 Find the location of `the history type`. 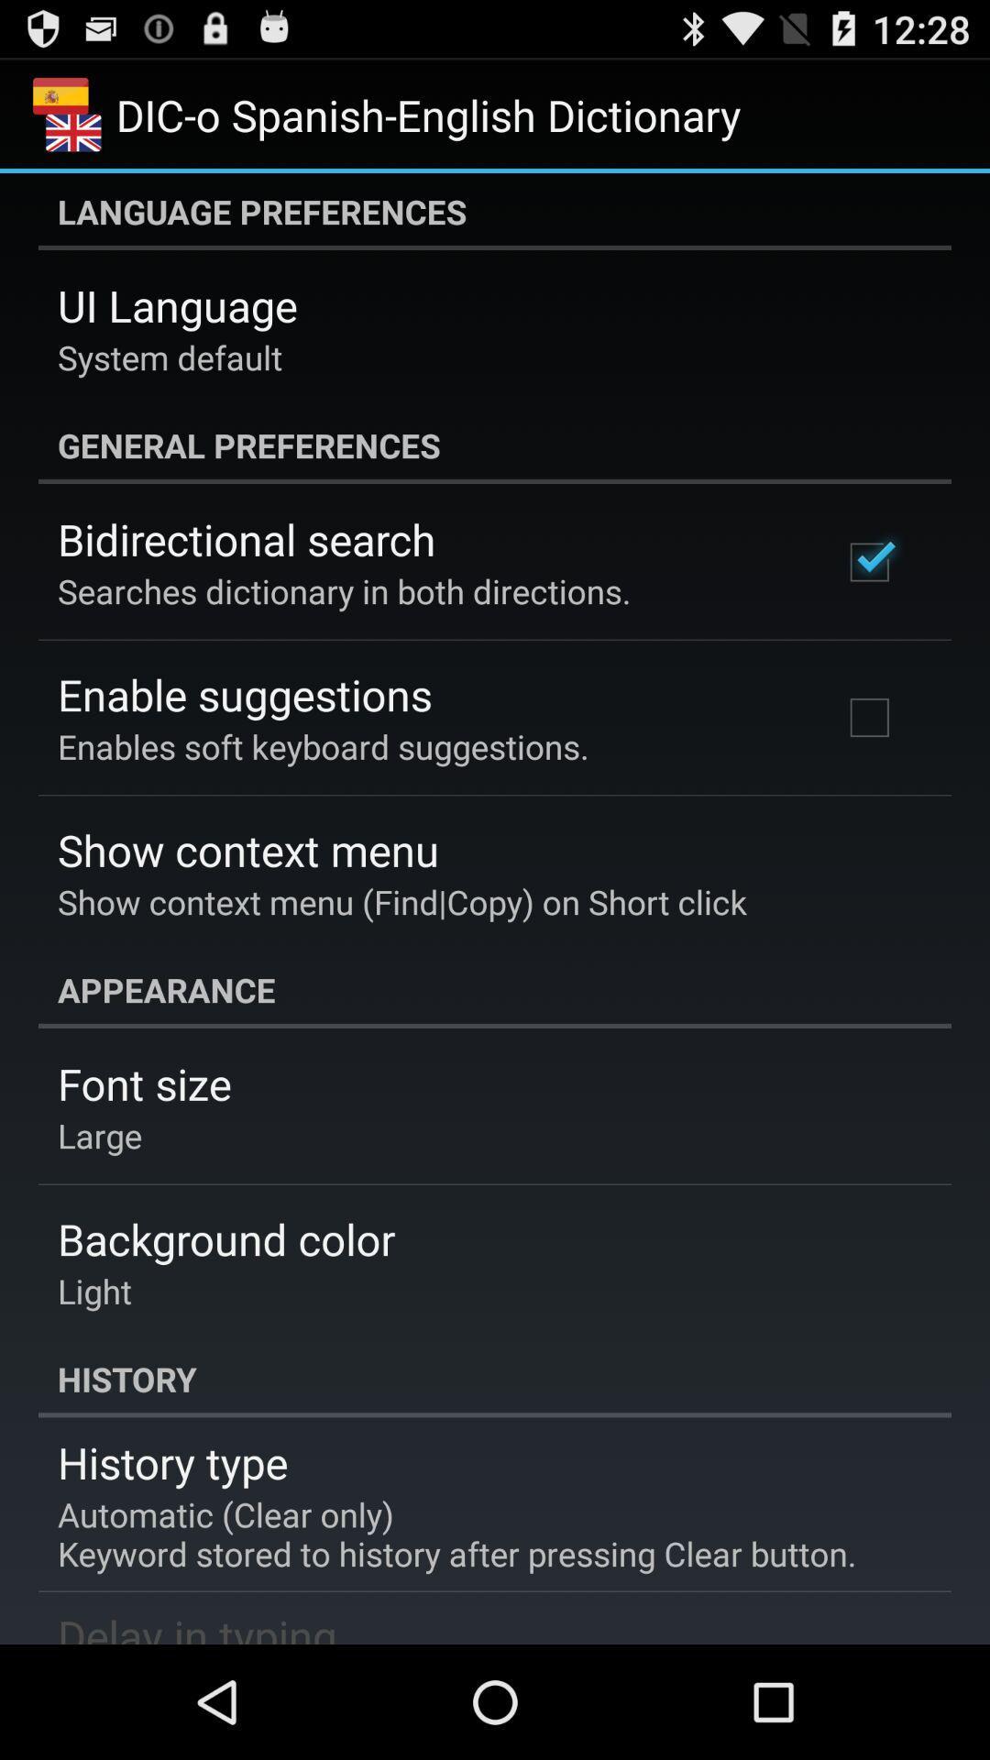

the history type is located at coordinates (172, 1461).